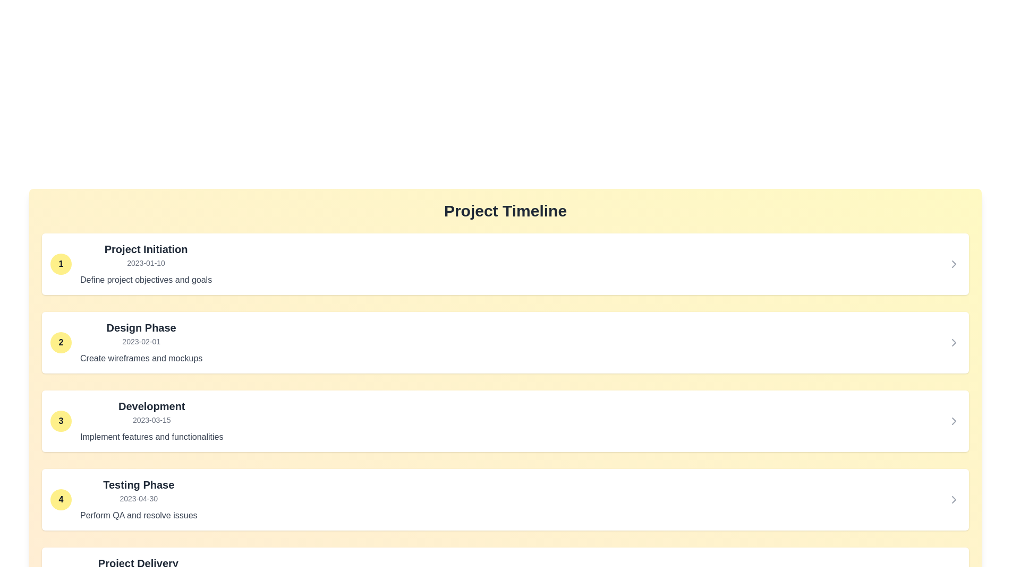 This screenshot has width=1020, height=573. Describe the element at coordinates (954, 499) in the screenshot. I see `the right-facing chevron arrow button located in the 'Testing Phase' section of the 'Project Timeline'` at that location.